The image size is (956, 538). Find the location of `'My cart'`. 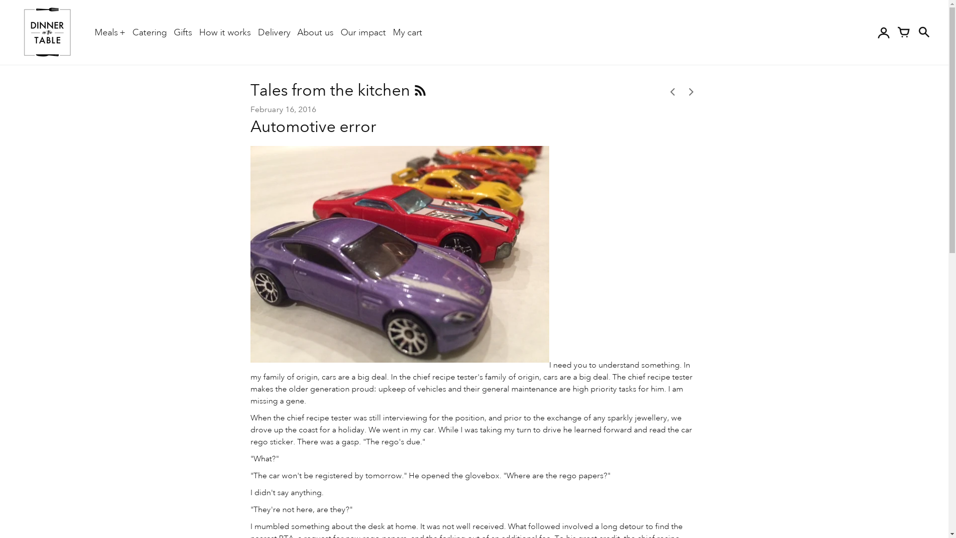

'My cart' is located at coordinates (407, 31).